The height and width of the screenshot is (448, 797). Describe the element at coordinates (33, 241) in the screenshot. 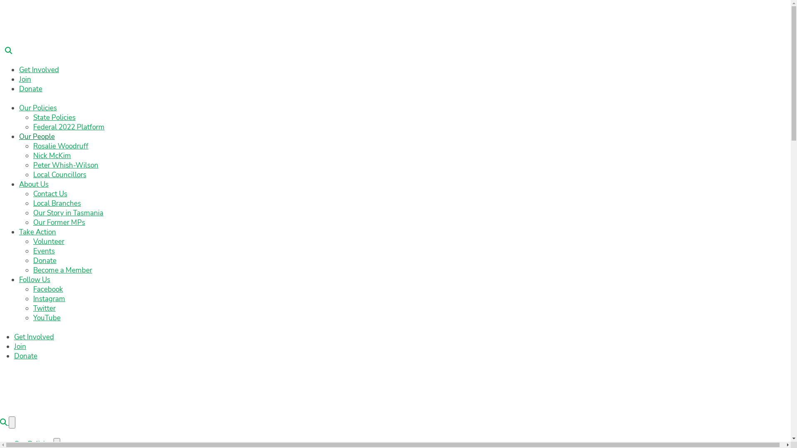

I see `'Volunteer'` at that location.